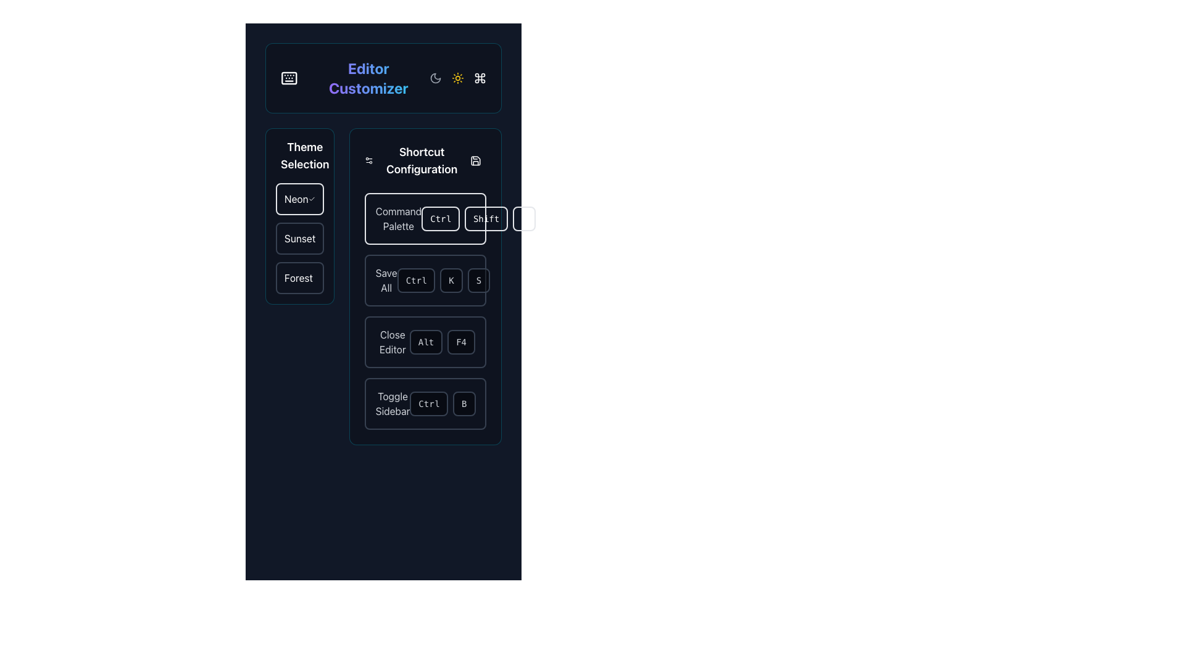  What do you see at coordinates (479, 78) in the screenshot?
I see `the SVG-based command symbol icon in the top-right corner of the layout, which has a cyan-blue stroke and is the third icon following the night and day mode icons` at bounding box center [479, 78].